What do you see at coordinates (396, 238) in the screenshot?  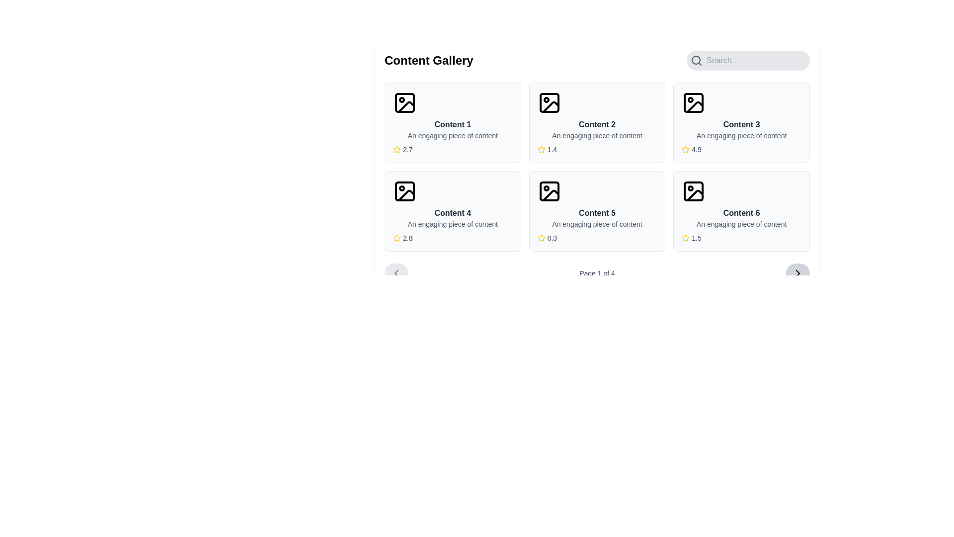 I see `the rating icon for 'Content 4', which is located in the second row, first column of the Content Gallery, positioned below the content title and image, preceding the numeric rating value '2.8'` at bounding box center [396, 238].